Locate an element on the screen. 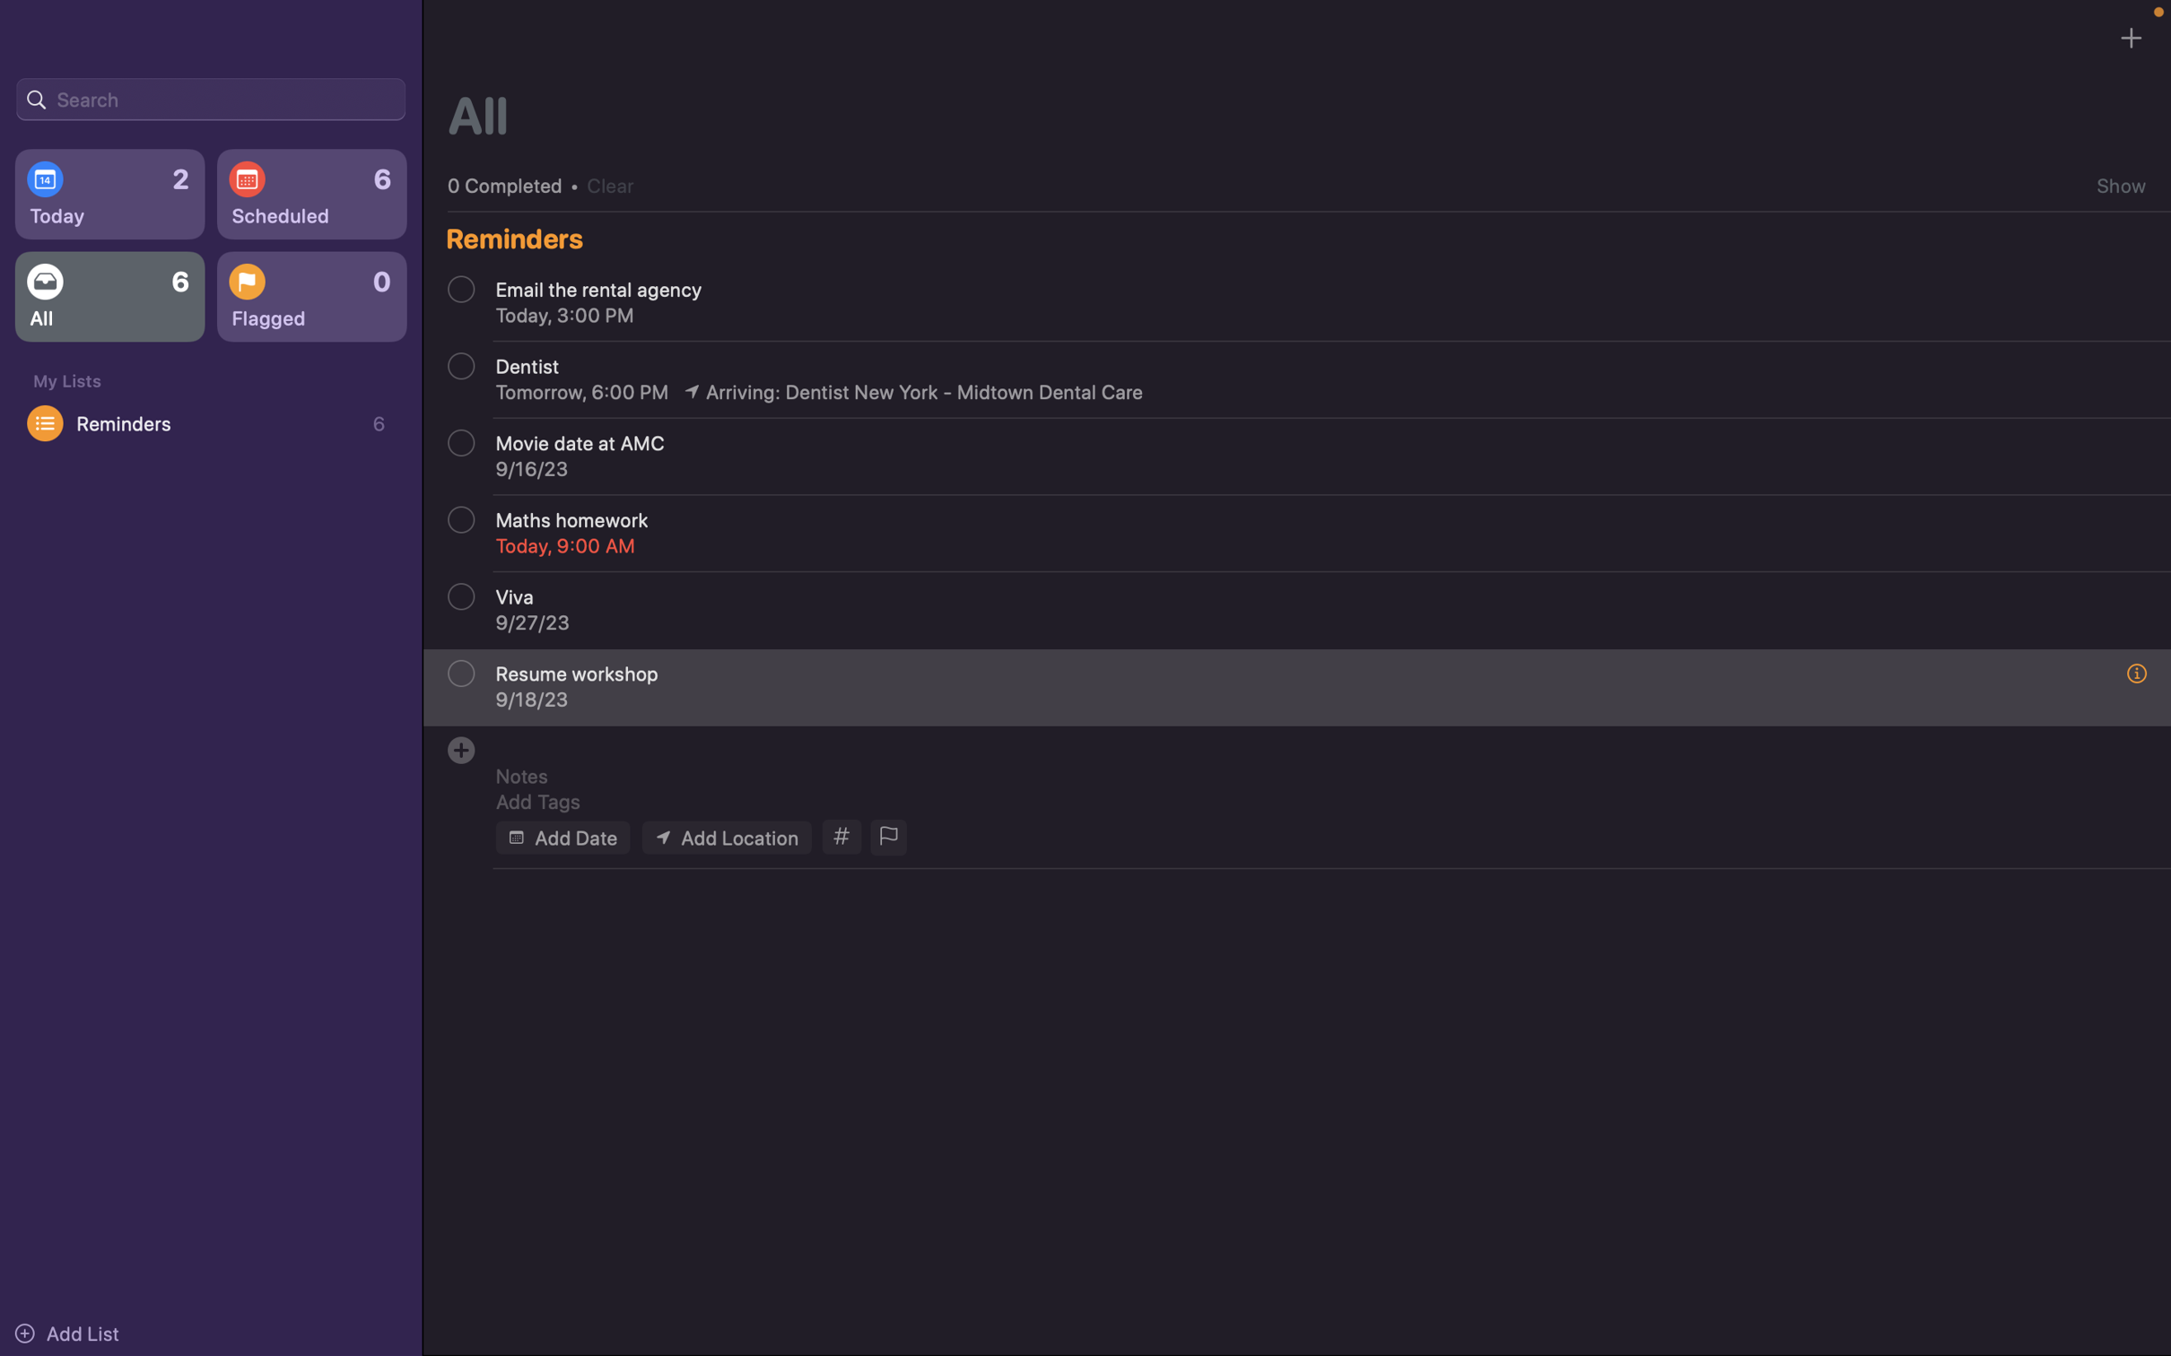 This screenshot has width=2171, height=1356. Designate "my house" as the event"s location is located at coordinates (725, 836).